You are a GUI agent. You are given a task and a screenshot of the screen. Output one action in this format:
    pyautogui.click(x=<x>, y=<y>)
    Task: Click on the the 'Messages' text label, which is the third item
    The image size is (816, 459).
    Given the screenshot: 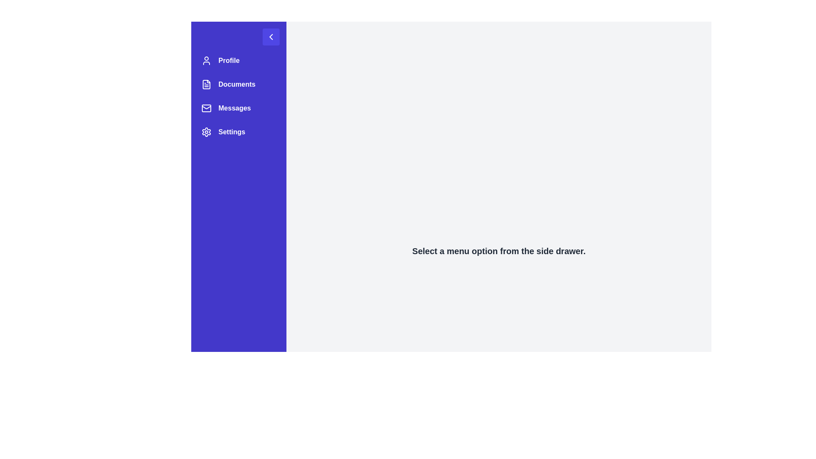 What is the action you would take?
    pyautogui.click(x=235, y=108)
    